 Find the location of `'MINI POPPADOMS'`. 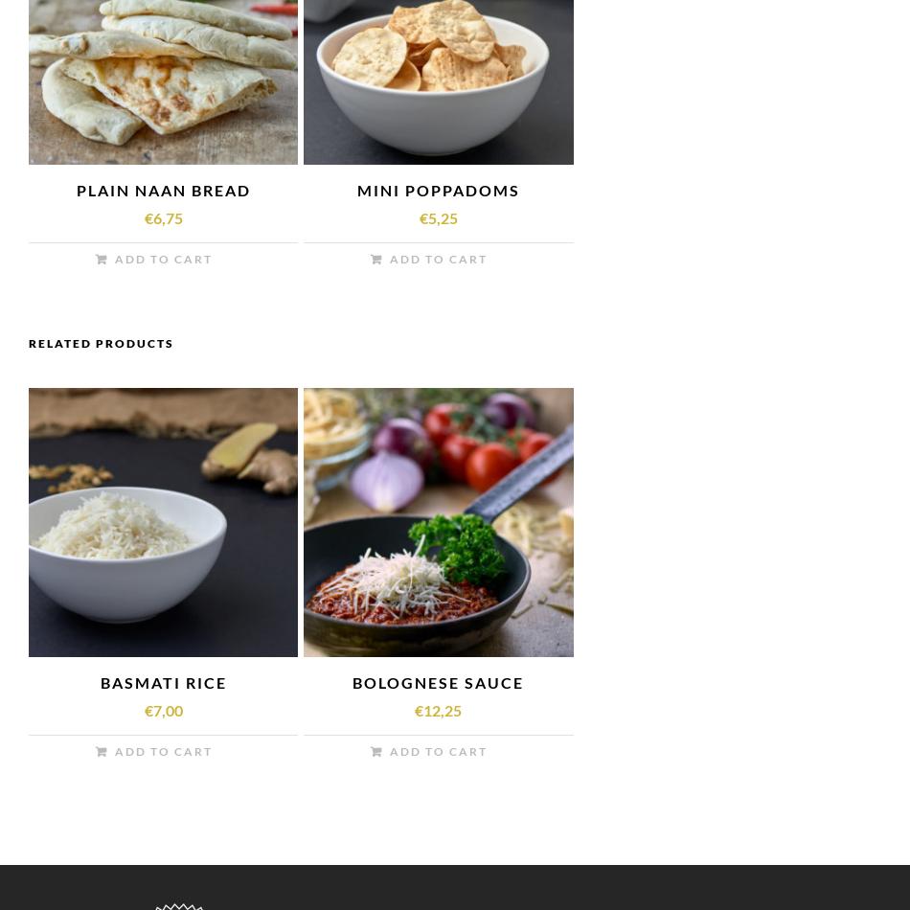

'MINI POPPADOMS' is located at coordinates (437, 189).